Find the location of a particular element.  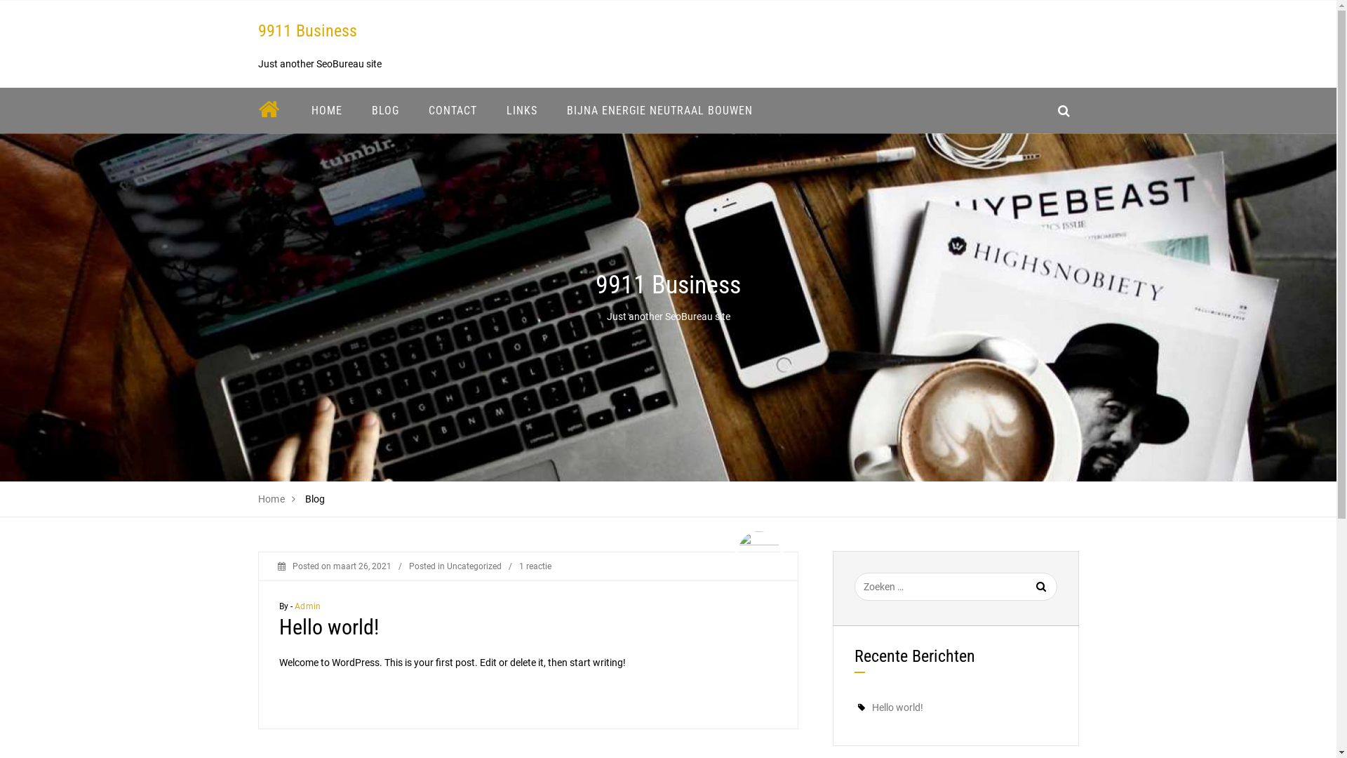

'BLOG' is located at coordinates (384, 109).